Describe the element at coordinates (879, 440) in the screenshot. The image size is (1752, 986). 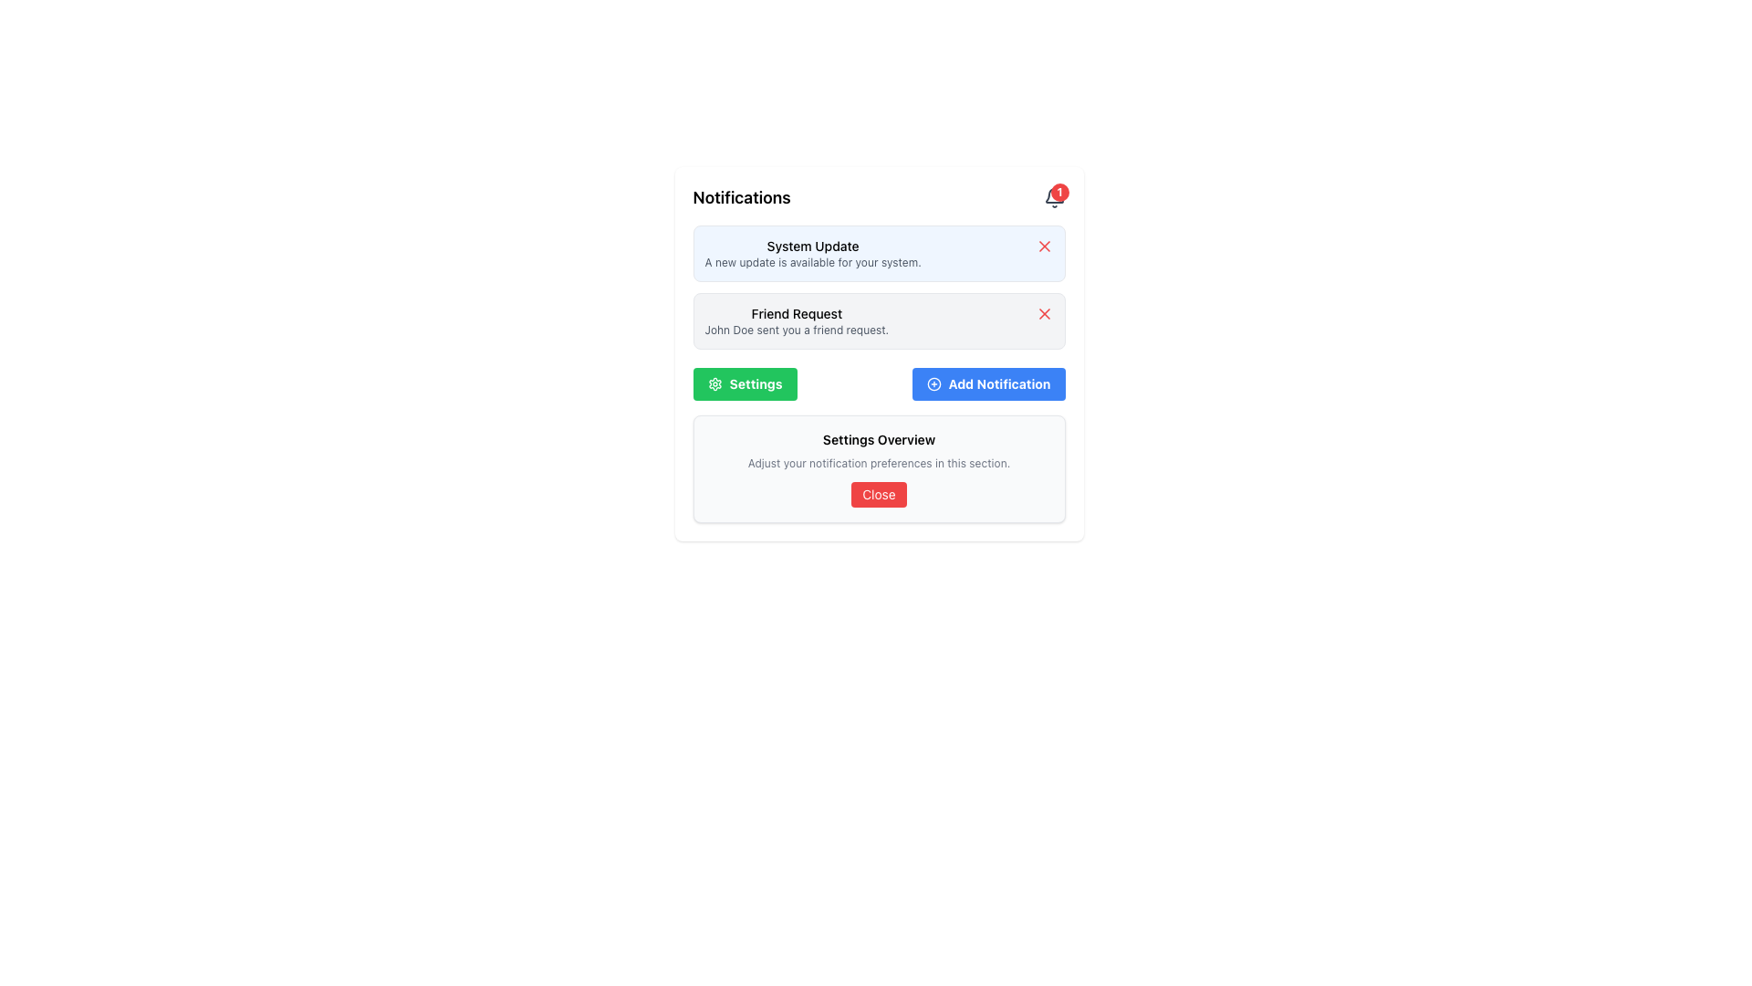
I see `the non-interactive text label that serves as a title for the settings overview section, located above the notification preferences text and the 'Close' button` at that location.